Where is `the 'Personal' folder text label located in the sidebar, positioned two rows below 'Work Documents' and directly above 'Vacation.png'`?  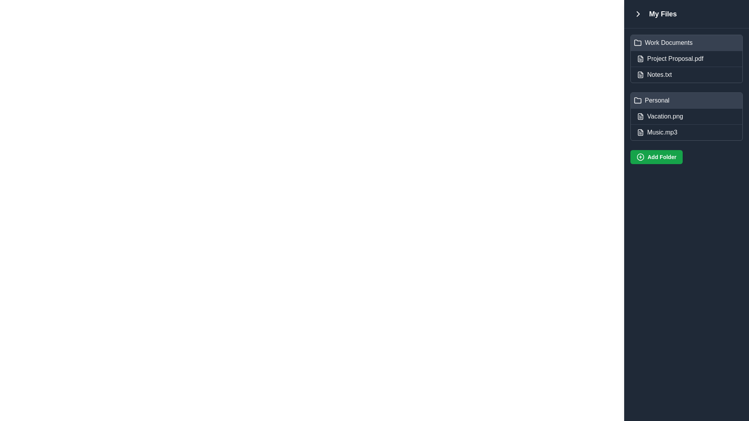 the 'Personal' folder text label located in the sidebar, positioned two rows below 'Work Documents' and directly above 'Vacation.png' is located at coordinates (657, 100).